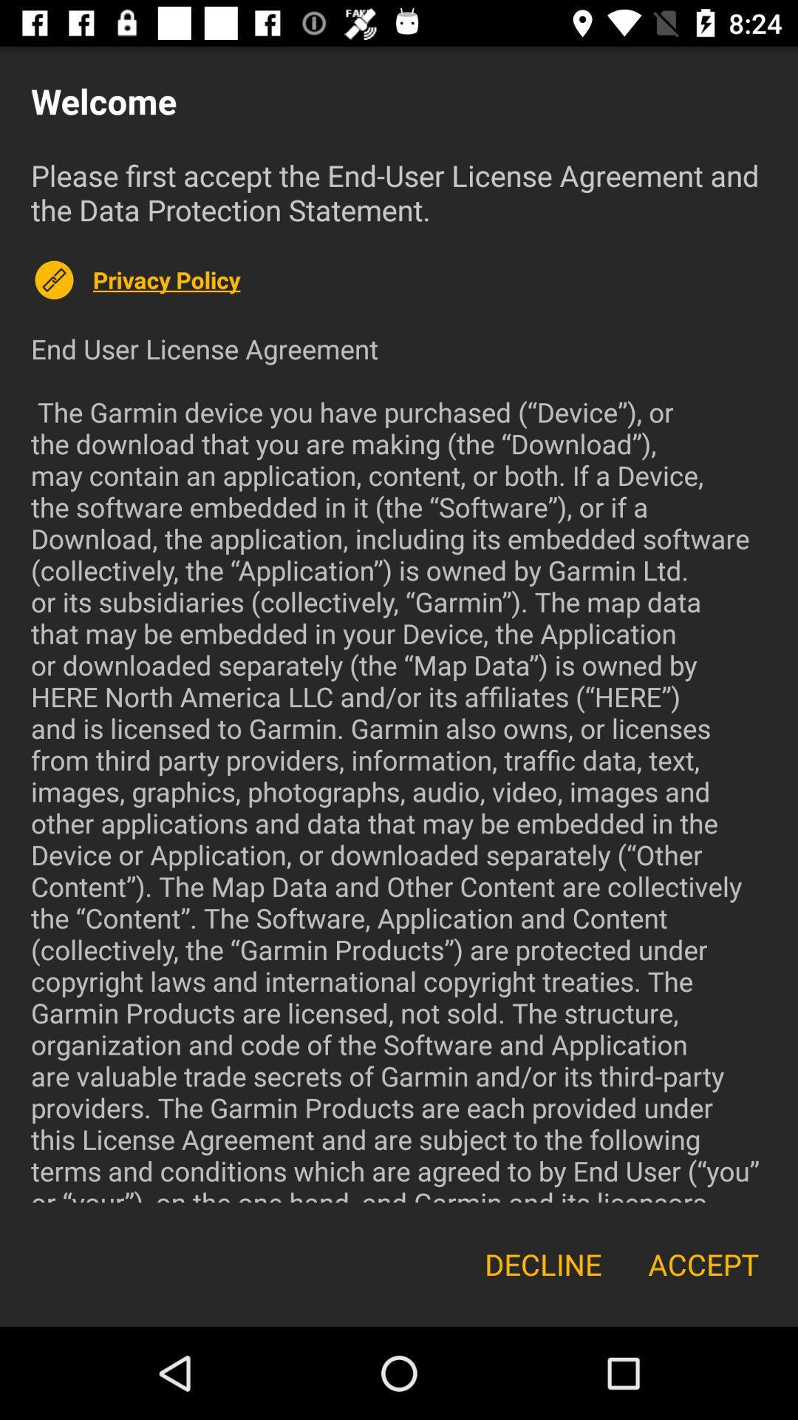  What do you see at coordinates (543, 1263) in the screenshot?
I see `the icon next to accept` at bounding box center [543, 1263].